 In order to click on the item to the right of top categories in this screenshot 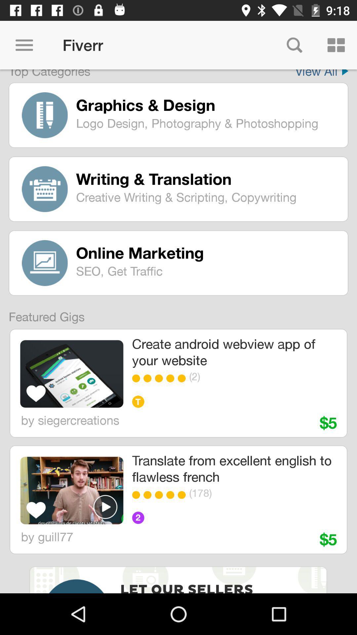, I will do `click(321, 74)`.